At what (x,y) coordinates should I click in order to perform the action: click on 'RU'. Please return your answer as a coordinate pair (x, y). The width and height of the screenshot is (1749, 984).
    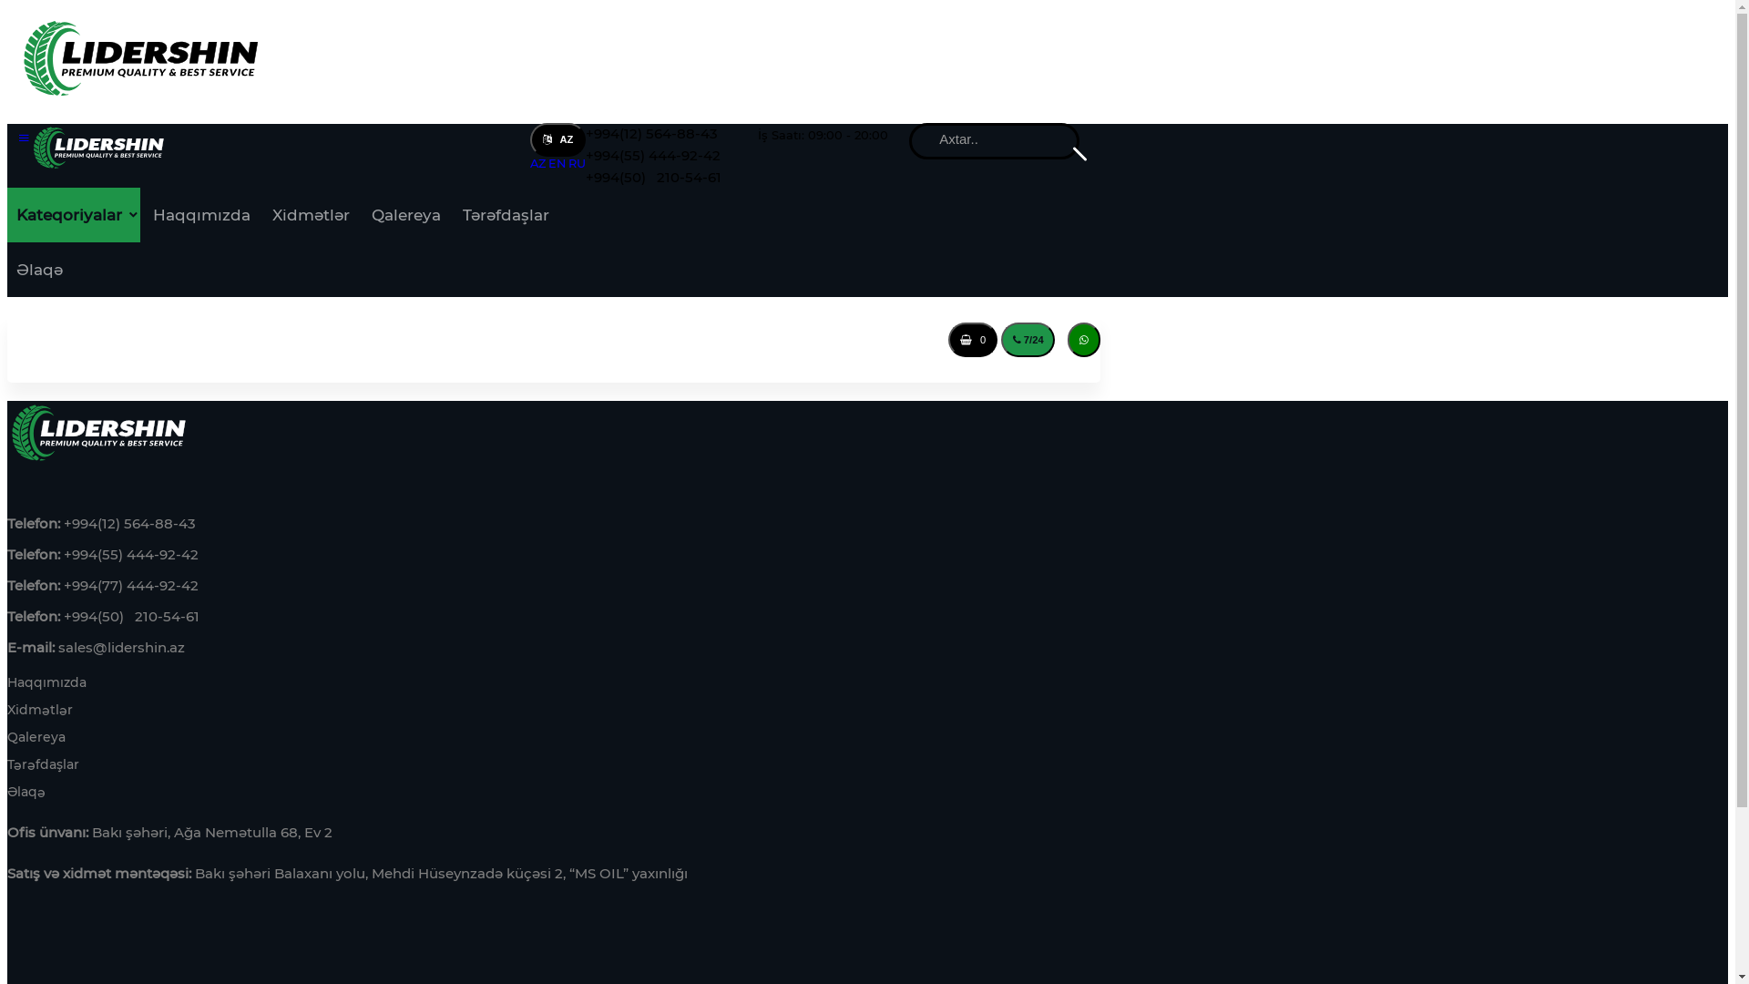
    Looking at the image, I should click on (568, 162).